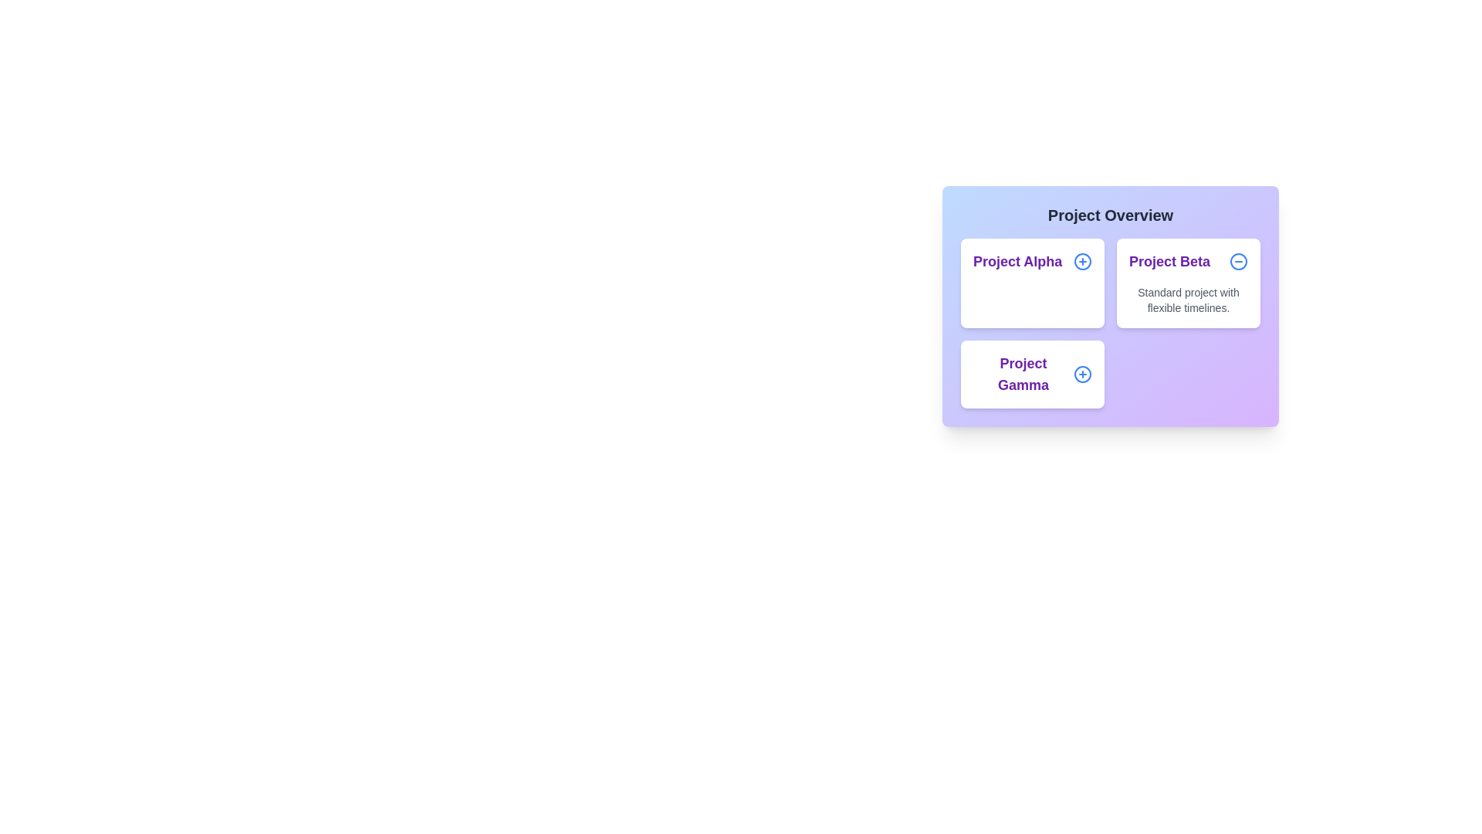  Describe the element at coordinates (1033, 283) in the screenshot. I see `the title text of the card labeled Project Alpha` at that location.